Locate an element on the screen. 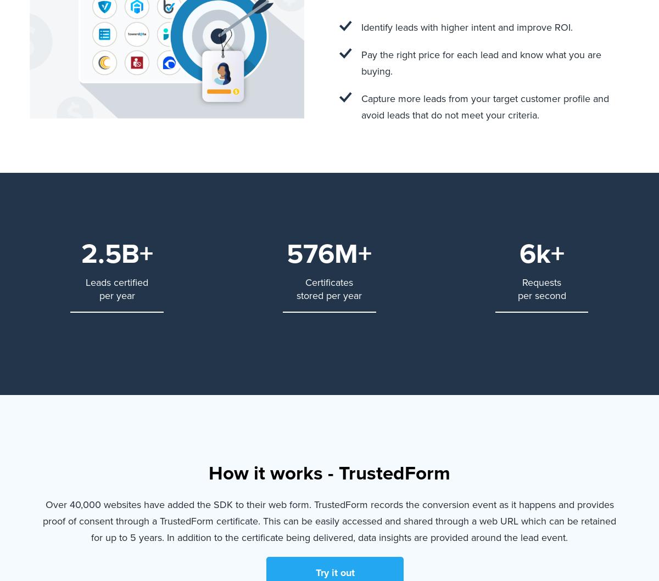  'per second' is located at coordinates (517, 294).